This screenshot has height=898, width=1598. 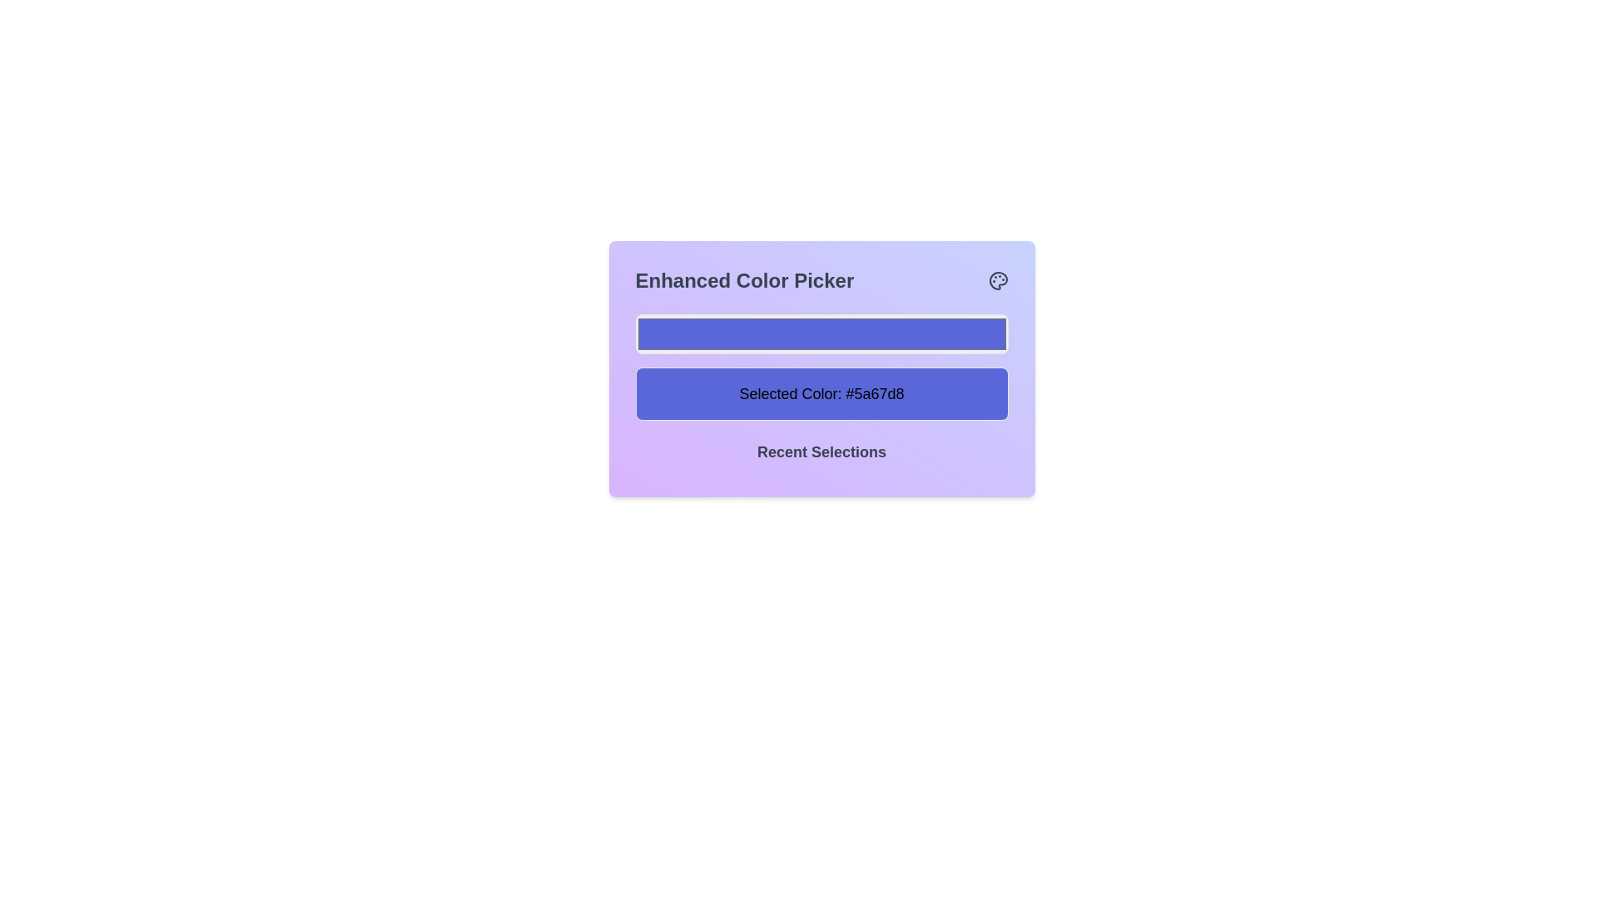 What do you see at coordinates (821, 280) in the screenshot?
I see `the Header label displaying 'Enhanced Color Picker' with a decorative palette icon on the right side` at bounding box center [821, 280].